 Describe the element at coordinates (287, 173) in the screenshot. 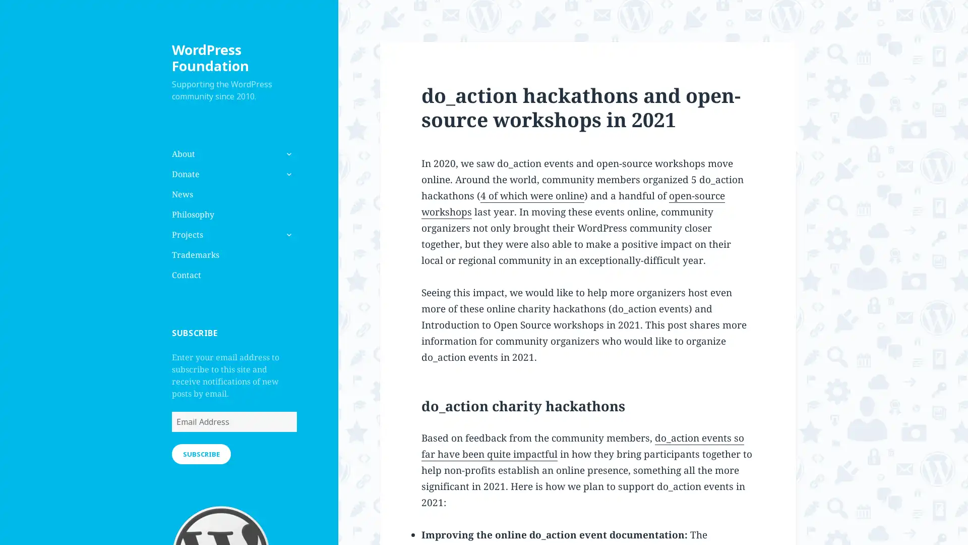

I see `expand child menu` at that location.